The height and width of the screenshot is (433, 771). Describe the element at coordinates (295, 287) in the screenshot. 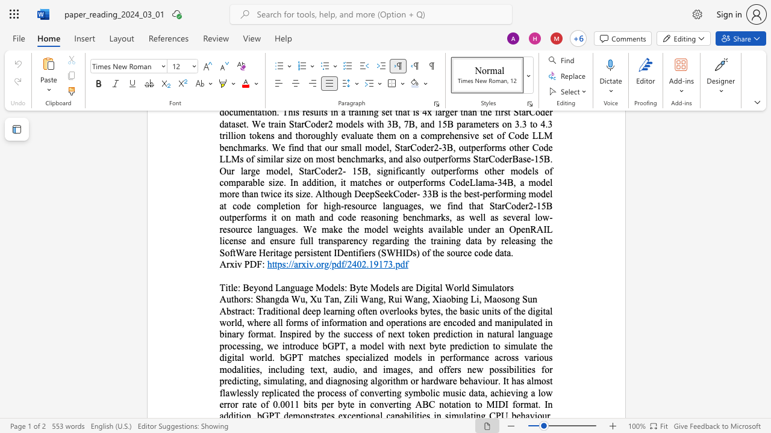

I see `the space between the continuous character "g" and "u" in the text` at that location.